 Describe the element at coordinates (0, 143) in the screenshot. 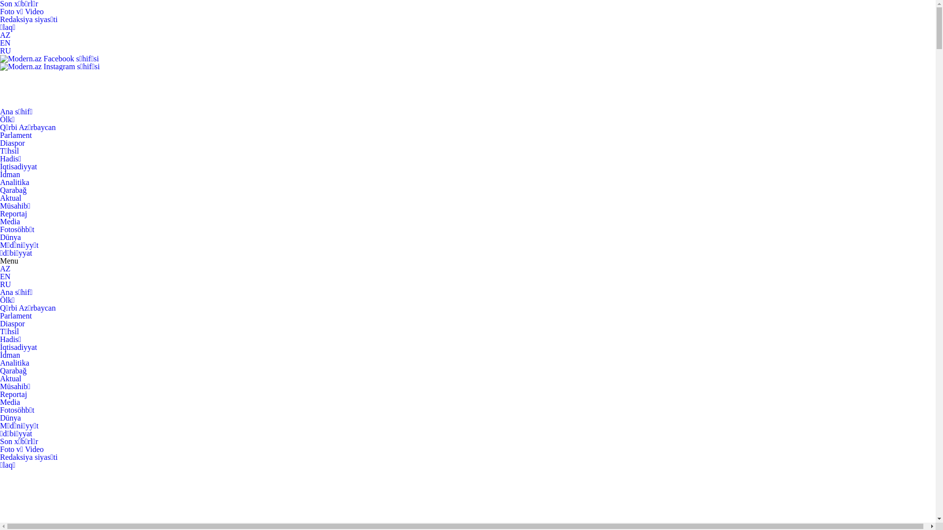

I see `'Diaspor'` at that location.